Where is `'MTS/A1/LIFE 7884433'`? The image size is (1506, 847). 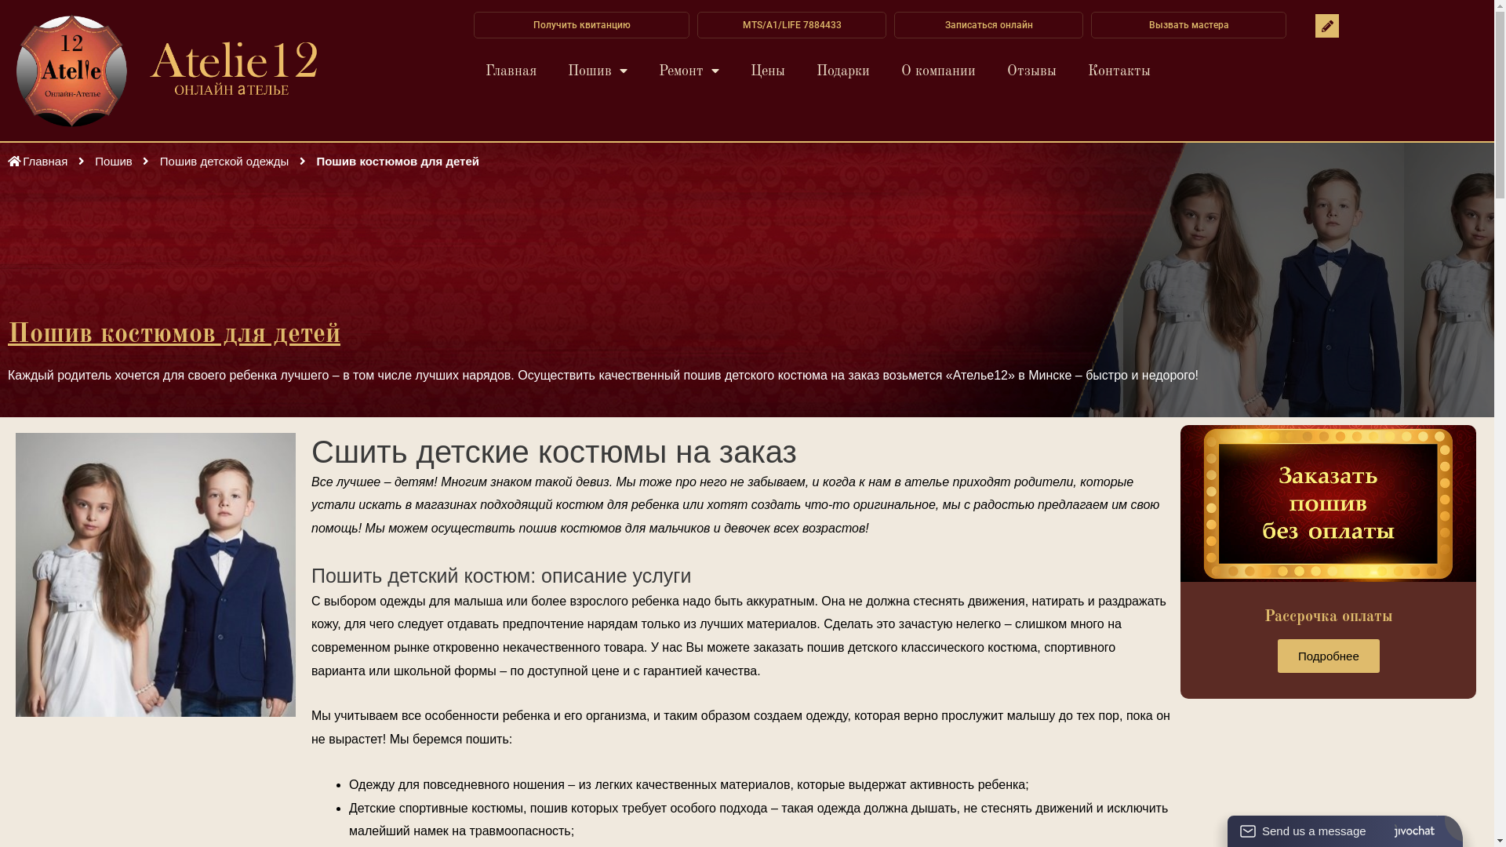 'MTS/A1/LIFE 7884433' is located at coordinates (791, 24).